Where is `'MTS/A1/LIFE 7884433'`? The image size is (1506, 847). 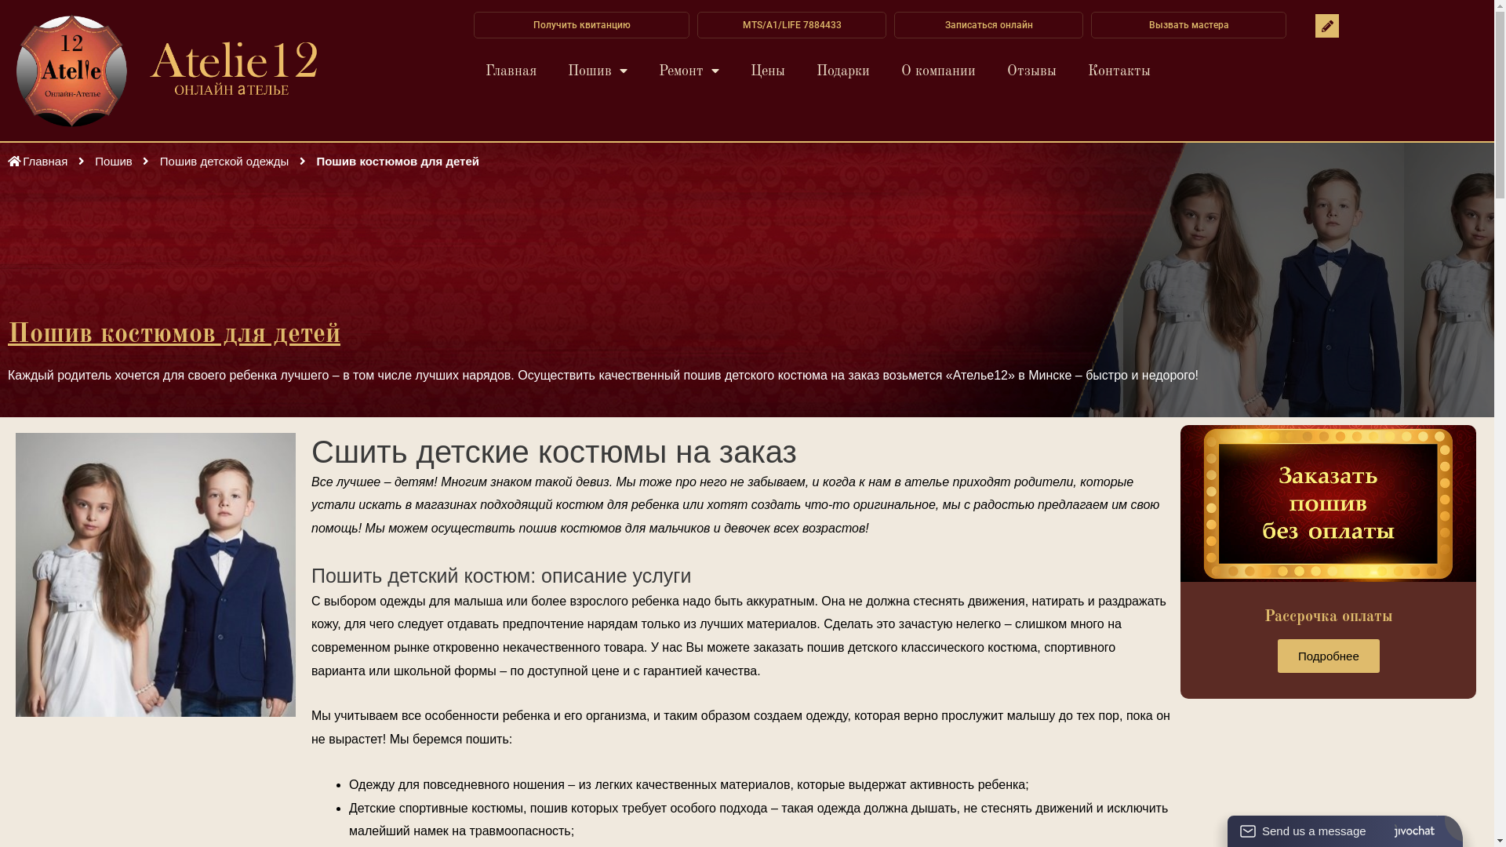 'MTS/A1/LIFE 7884433' is located at coordinates (791, 24).